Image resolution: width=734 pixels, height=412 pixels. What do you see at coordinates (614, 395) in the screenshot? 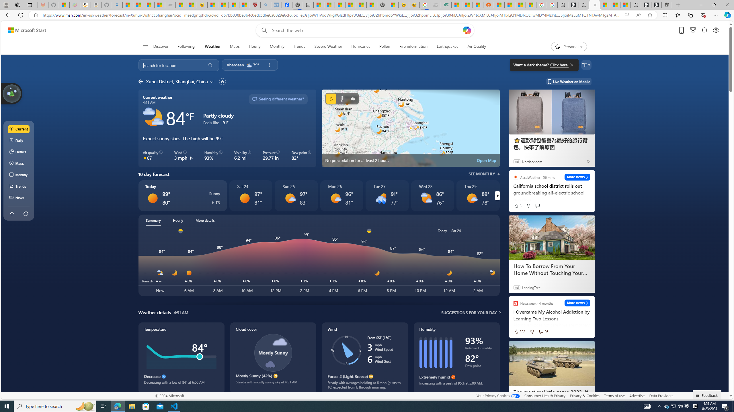
I see `'Terms of use'` at bounding box center [614, 395].